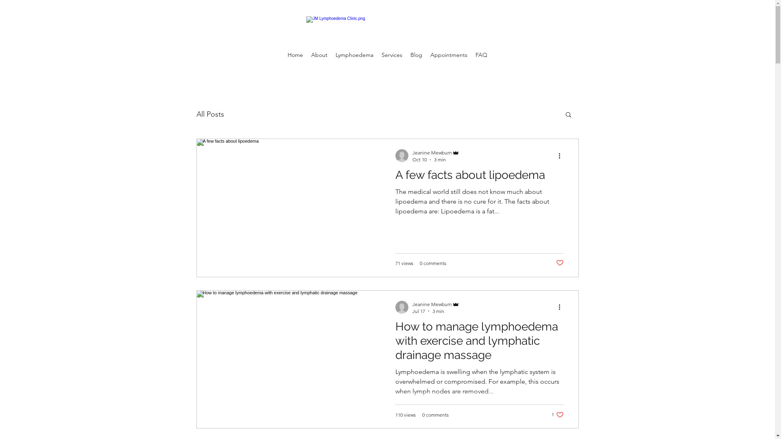 Image resolution: width=781 pixels, height=439 pixels. What do you see at coordinates (555, 263) in the screenshot?
I see `'Post not marked as liked'` at bounding box center [555, 263].